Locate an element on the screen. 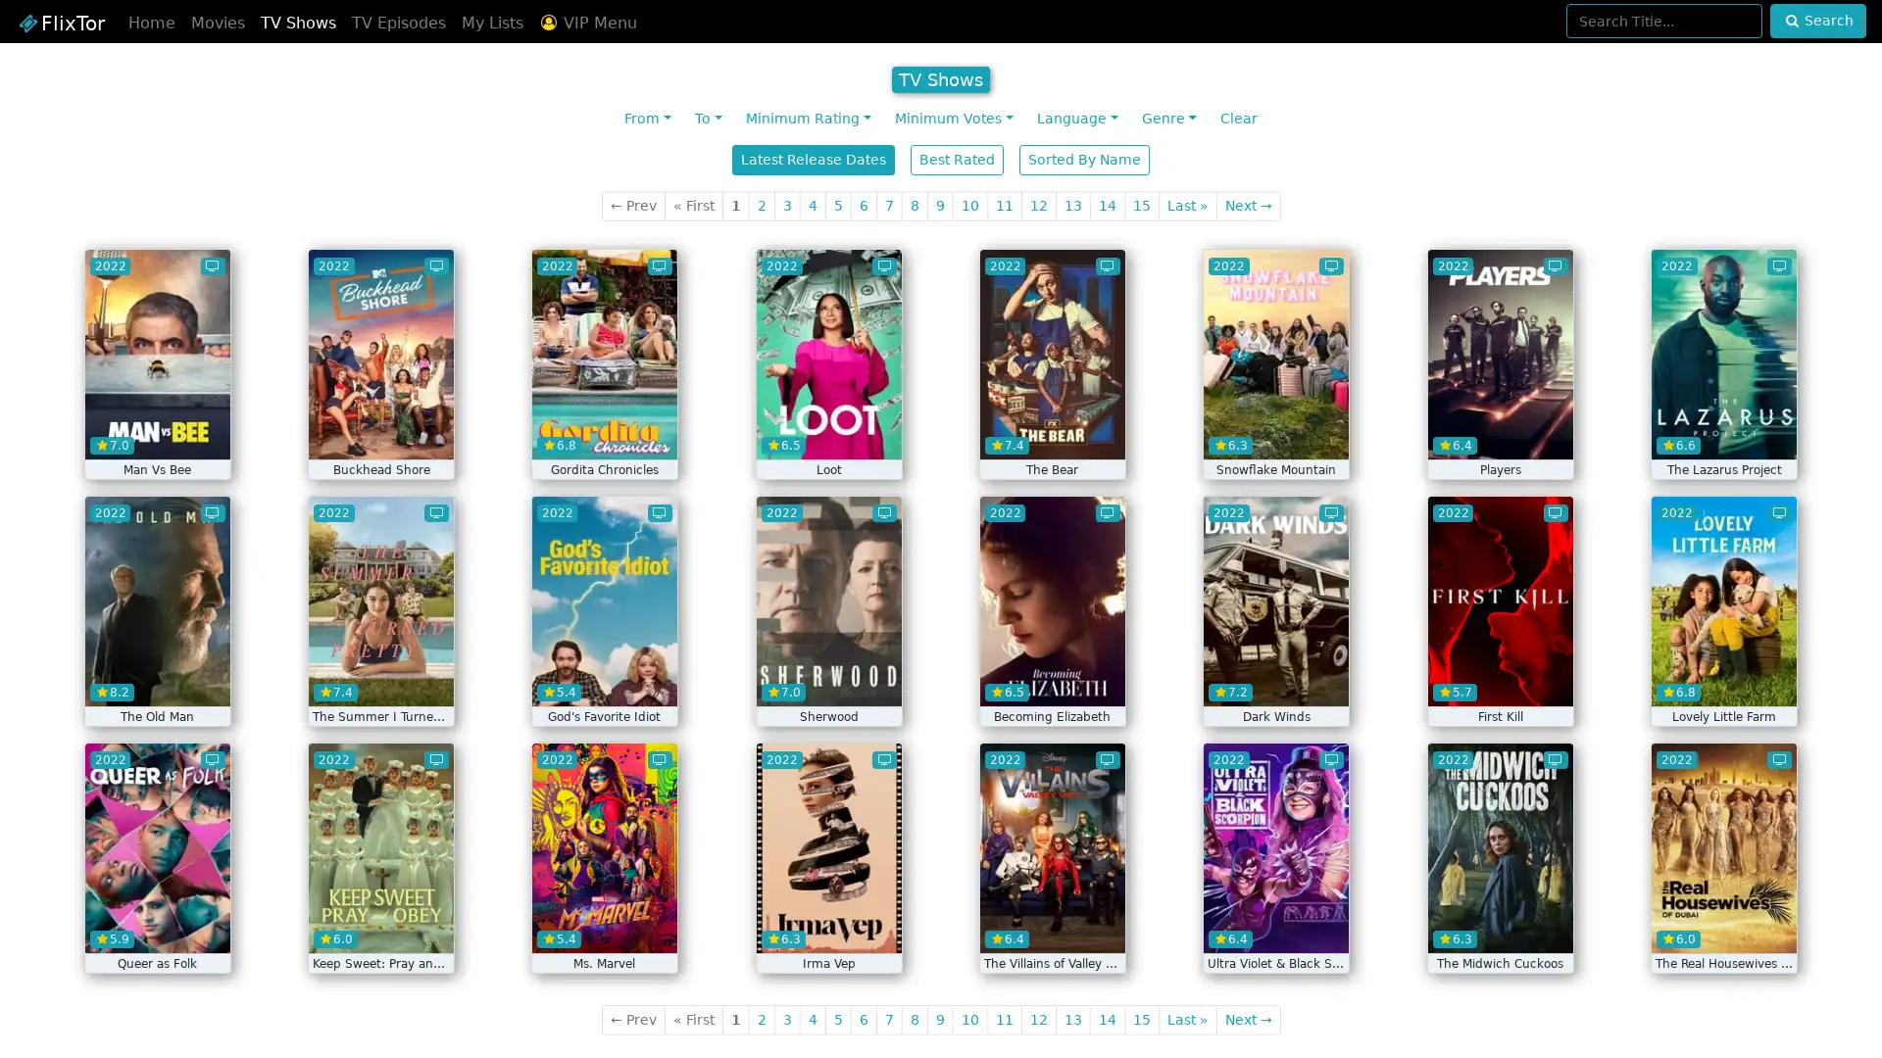 Image resolution: width=1882 pixels, height=1058 pixels. Watch Now is located at coordinates (1722, 429).